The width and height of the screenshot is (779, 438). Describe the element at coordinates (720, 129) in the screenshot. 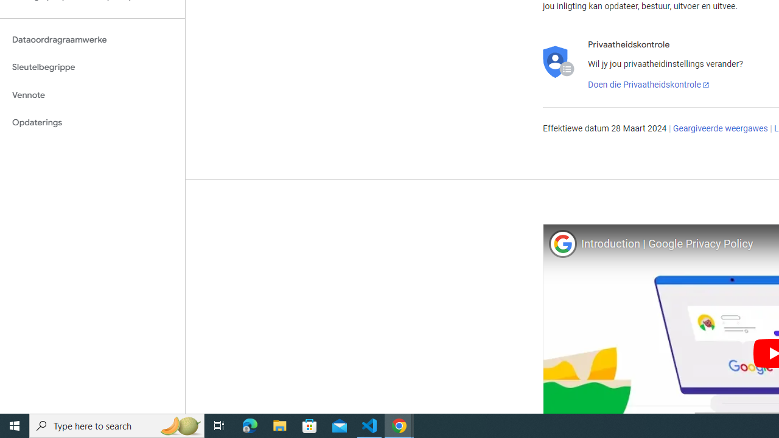

I see `'Geargiveerde weergawes'` at that location.